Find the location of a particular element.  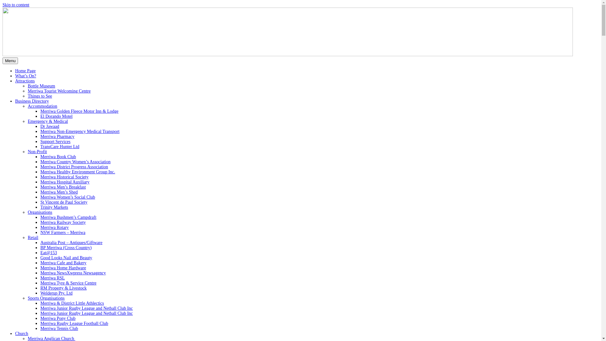

'BP Merriwa (Cross Country)' is located at coordinates (40, 247).